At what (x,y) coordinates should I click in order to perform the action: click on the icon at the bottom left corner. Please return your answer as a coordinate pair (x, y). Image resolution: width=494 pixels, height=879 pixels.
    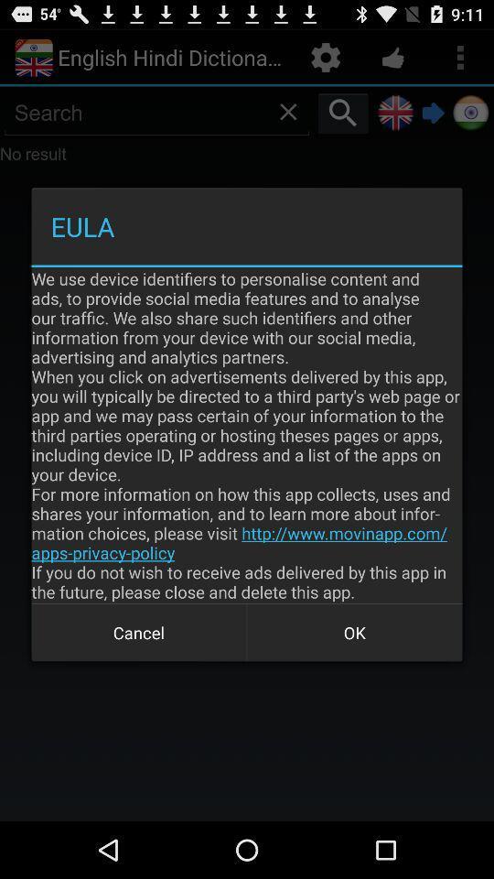
    Looking at the image, I should click on (138, 633).